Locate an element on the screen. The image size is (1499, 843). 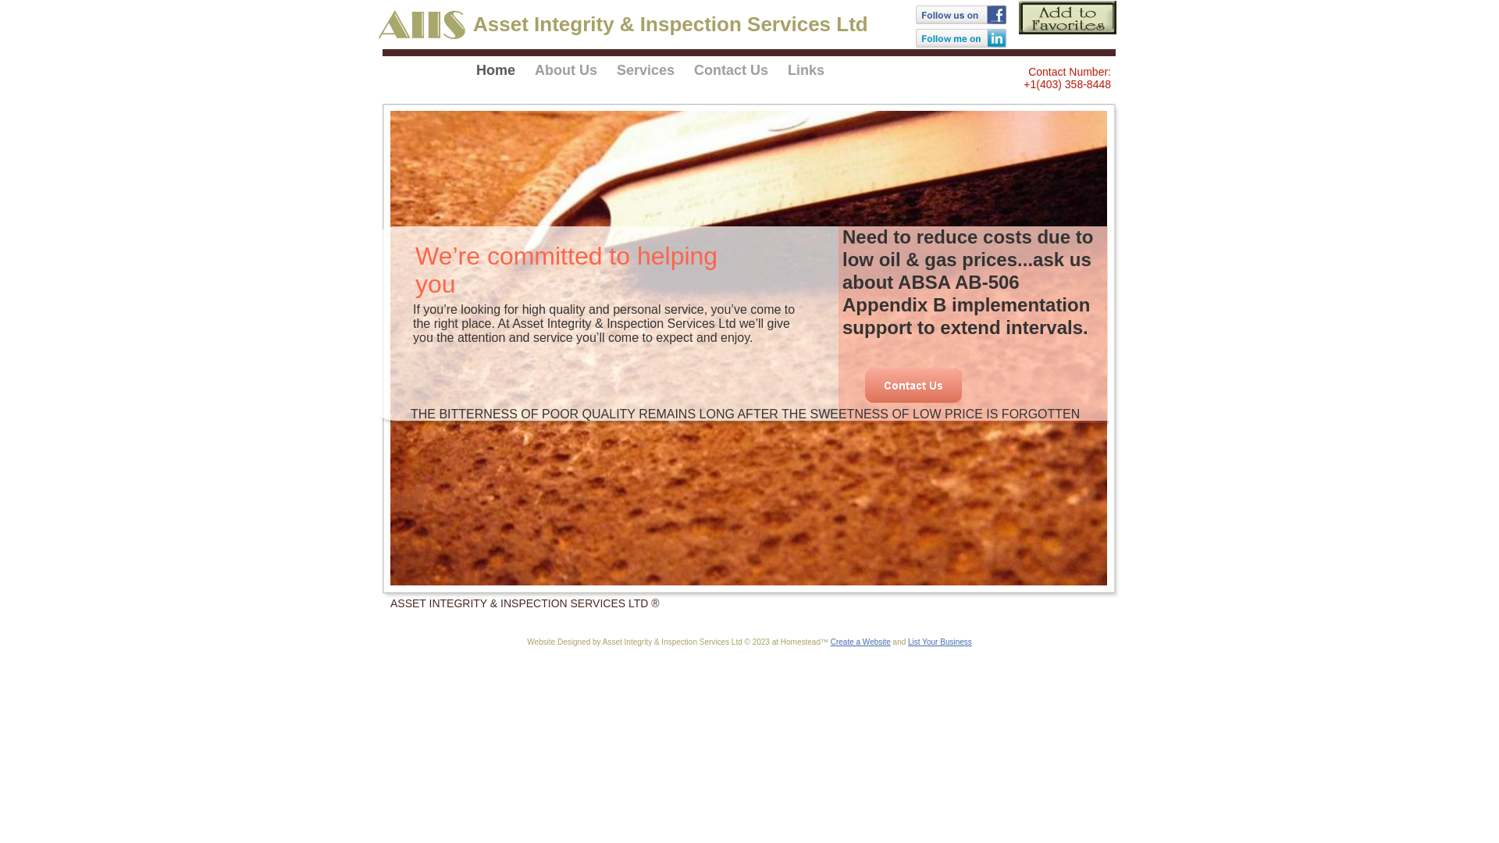
'Create a Website' is located at coordinates (860, 642).